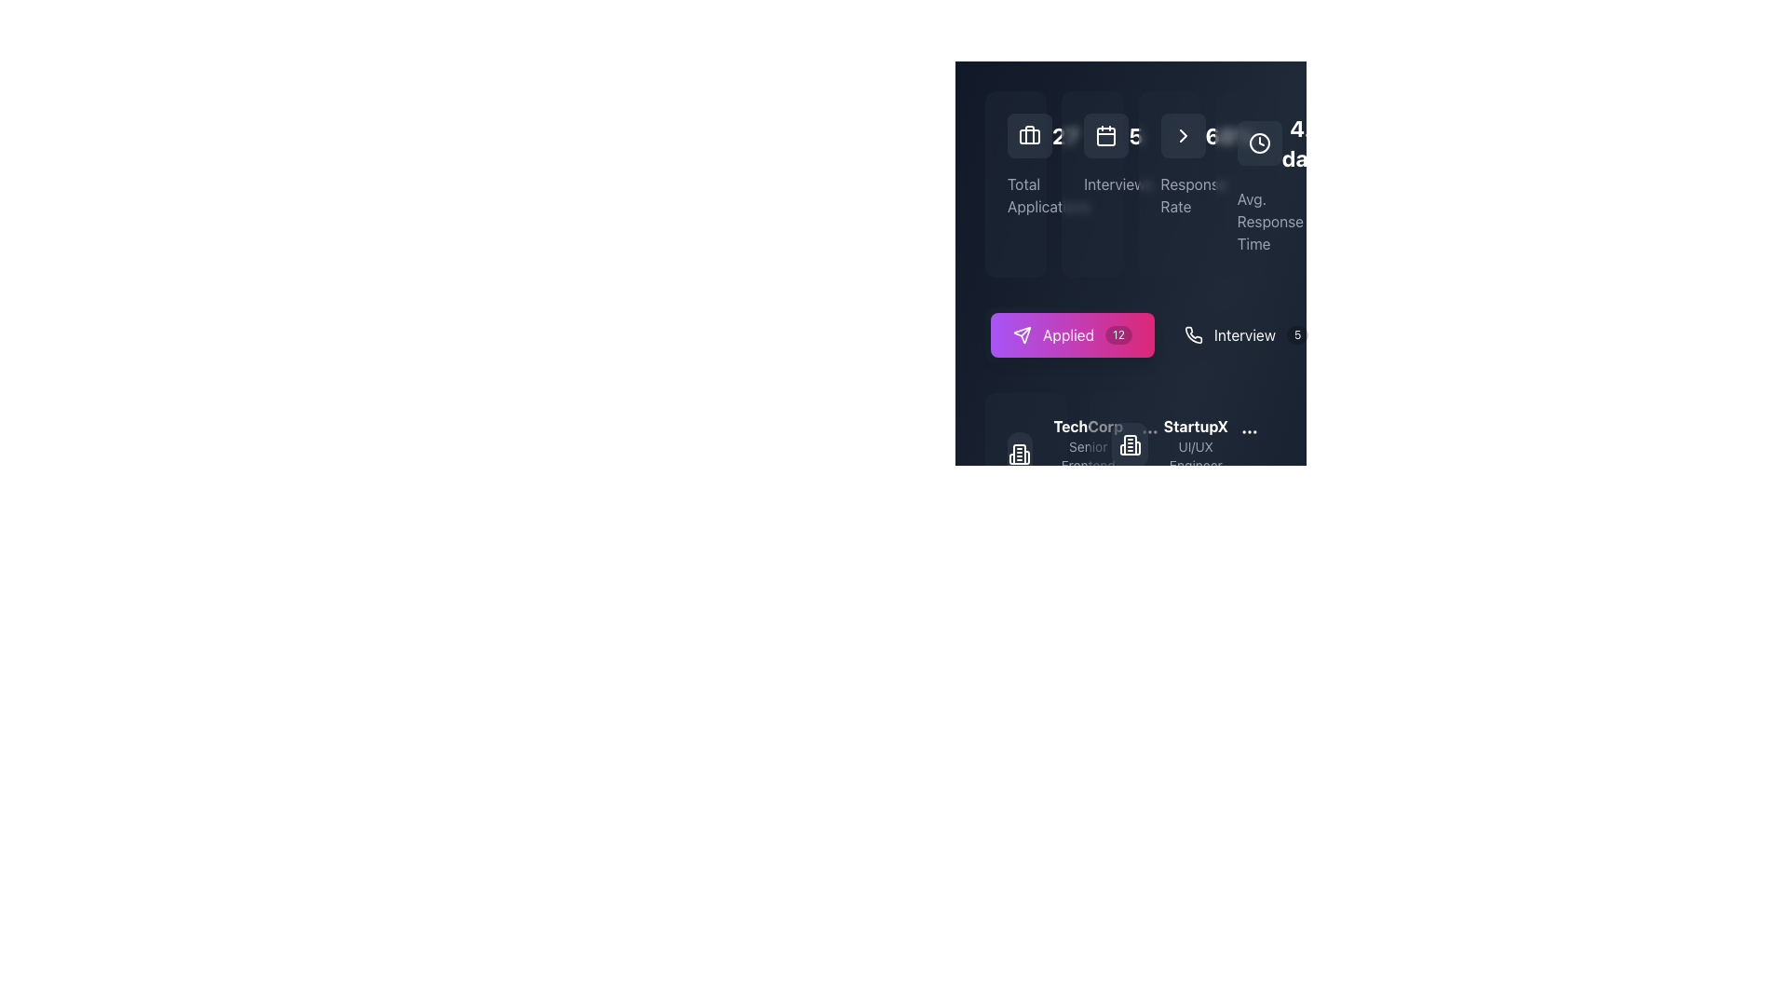 Image resolution: width=1788 pixels, height=1006 pixels. What do you see at coordinates (1196, 445) in the screenshot?
I see `the clickable informational card displaying 'StartupX' and 'UI/UX Engineer', which is the second item in the horizontal list of company and position information` at bounding box center [1196, 445].